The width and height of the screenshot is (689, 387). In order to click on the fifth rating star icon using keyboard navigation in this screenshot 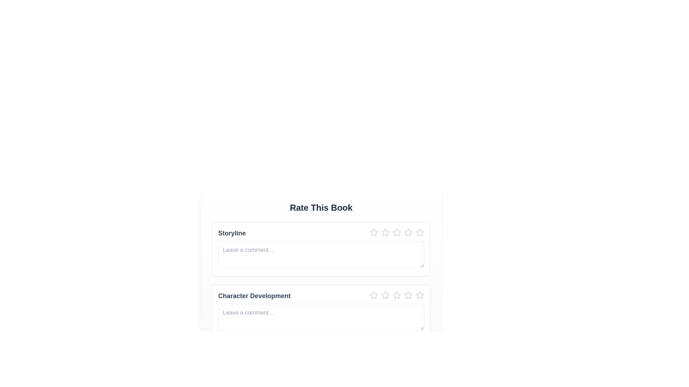, I will do `click(408, 295)`.